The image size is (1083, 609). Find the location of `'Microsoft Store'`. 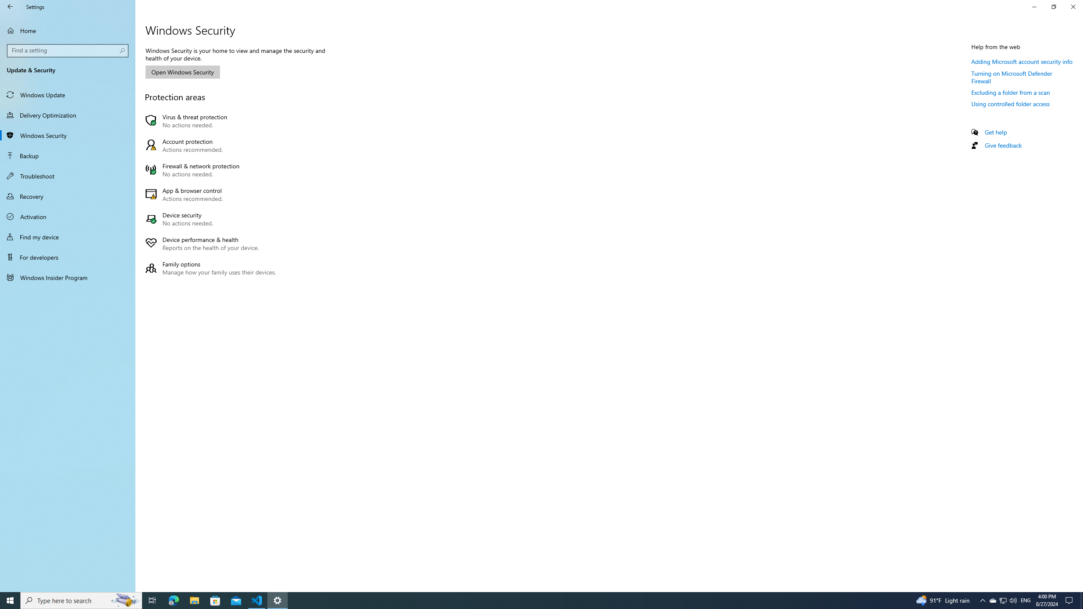

'Microsoft Store' is located at coordinates (215, 600).